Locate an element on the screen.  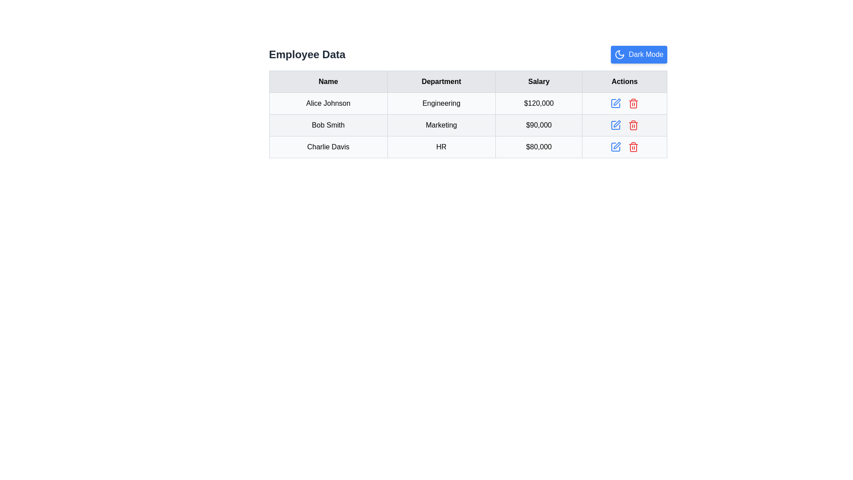
the Table Header Cell labeled 'Department', which is the second cell in the header row of the table, positioned between 'Name' and 'Salary' is located at coordinates (441, 82).